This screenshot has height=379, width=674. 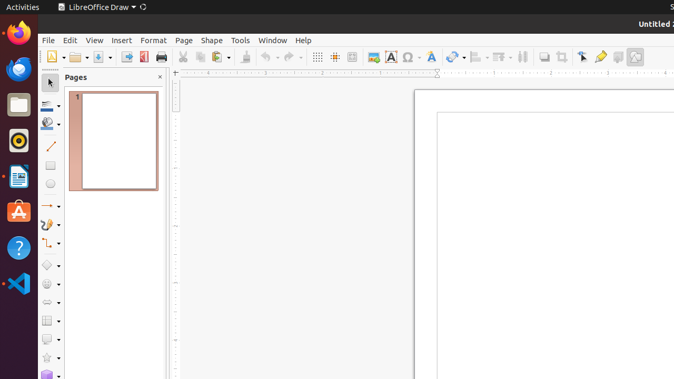 What do you see at coordinates (600, 57) in the screenshot?
I see `'Glue Points'` at bounding box center [600, 57].